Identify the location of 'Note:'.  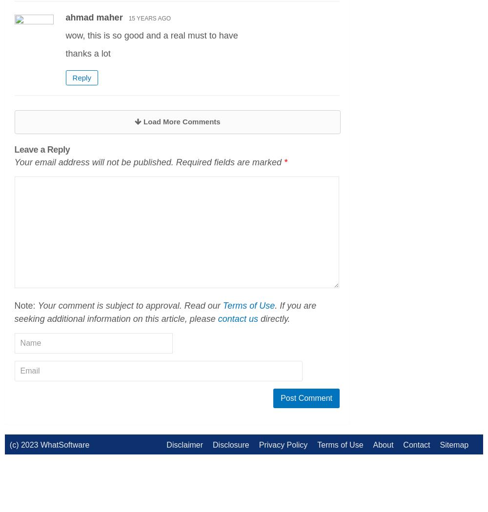
(26, 305).